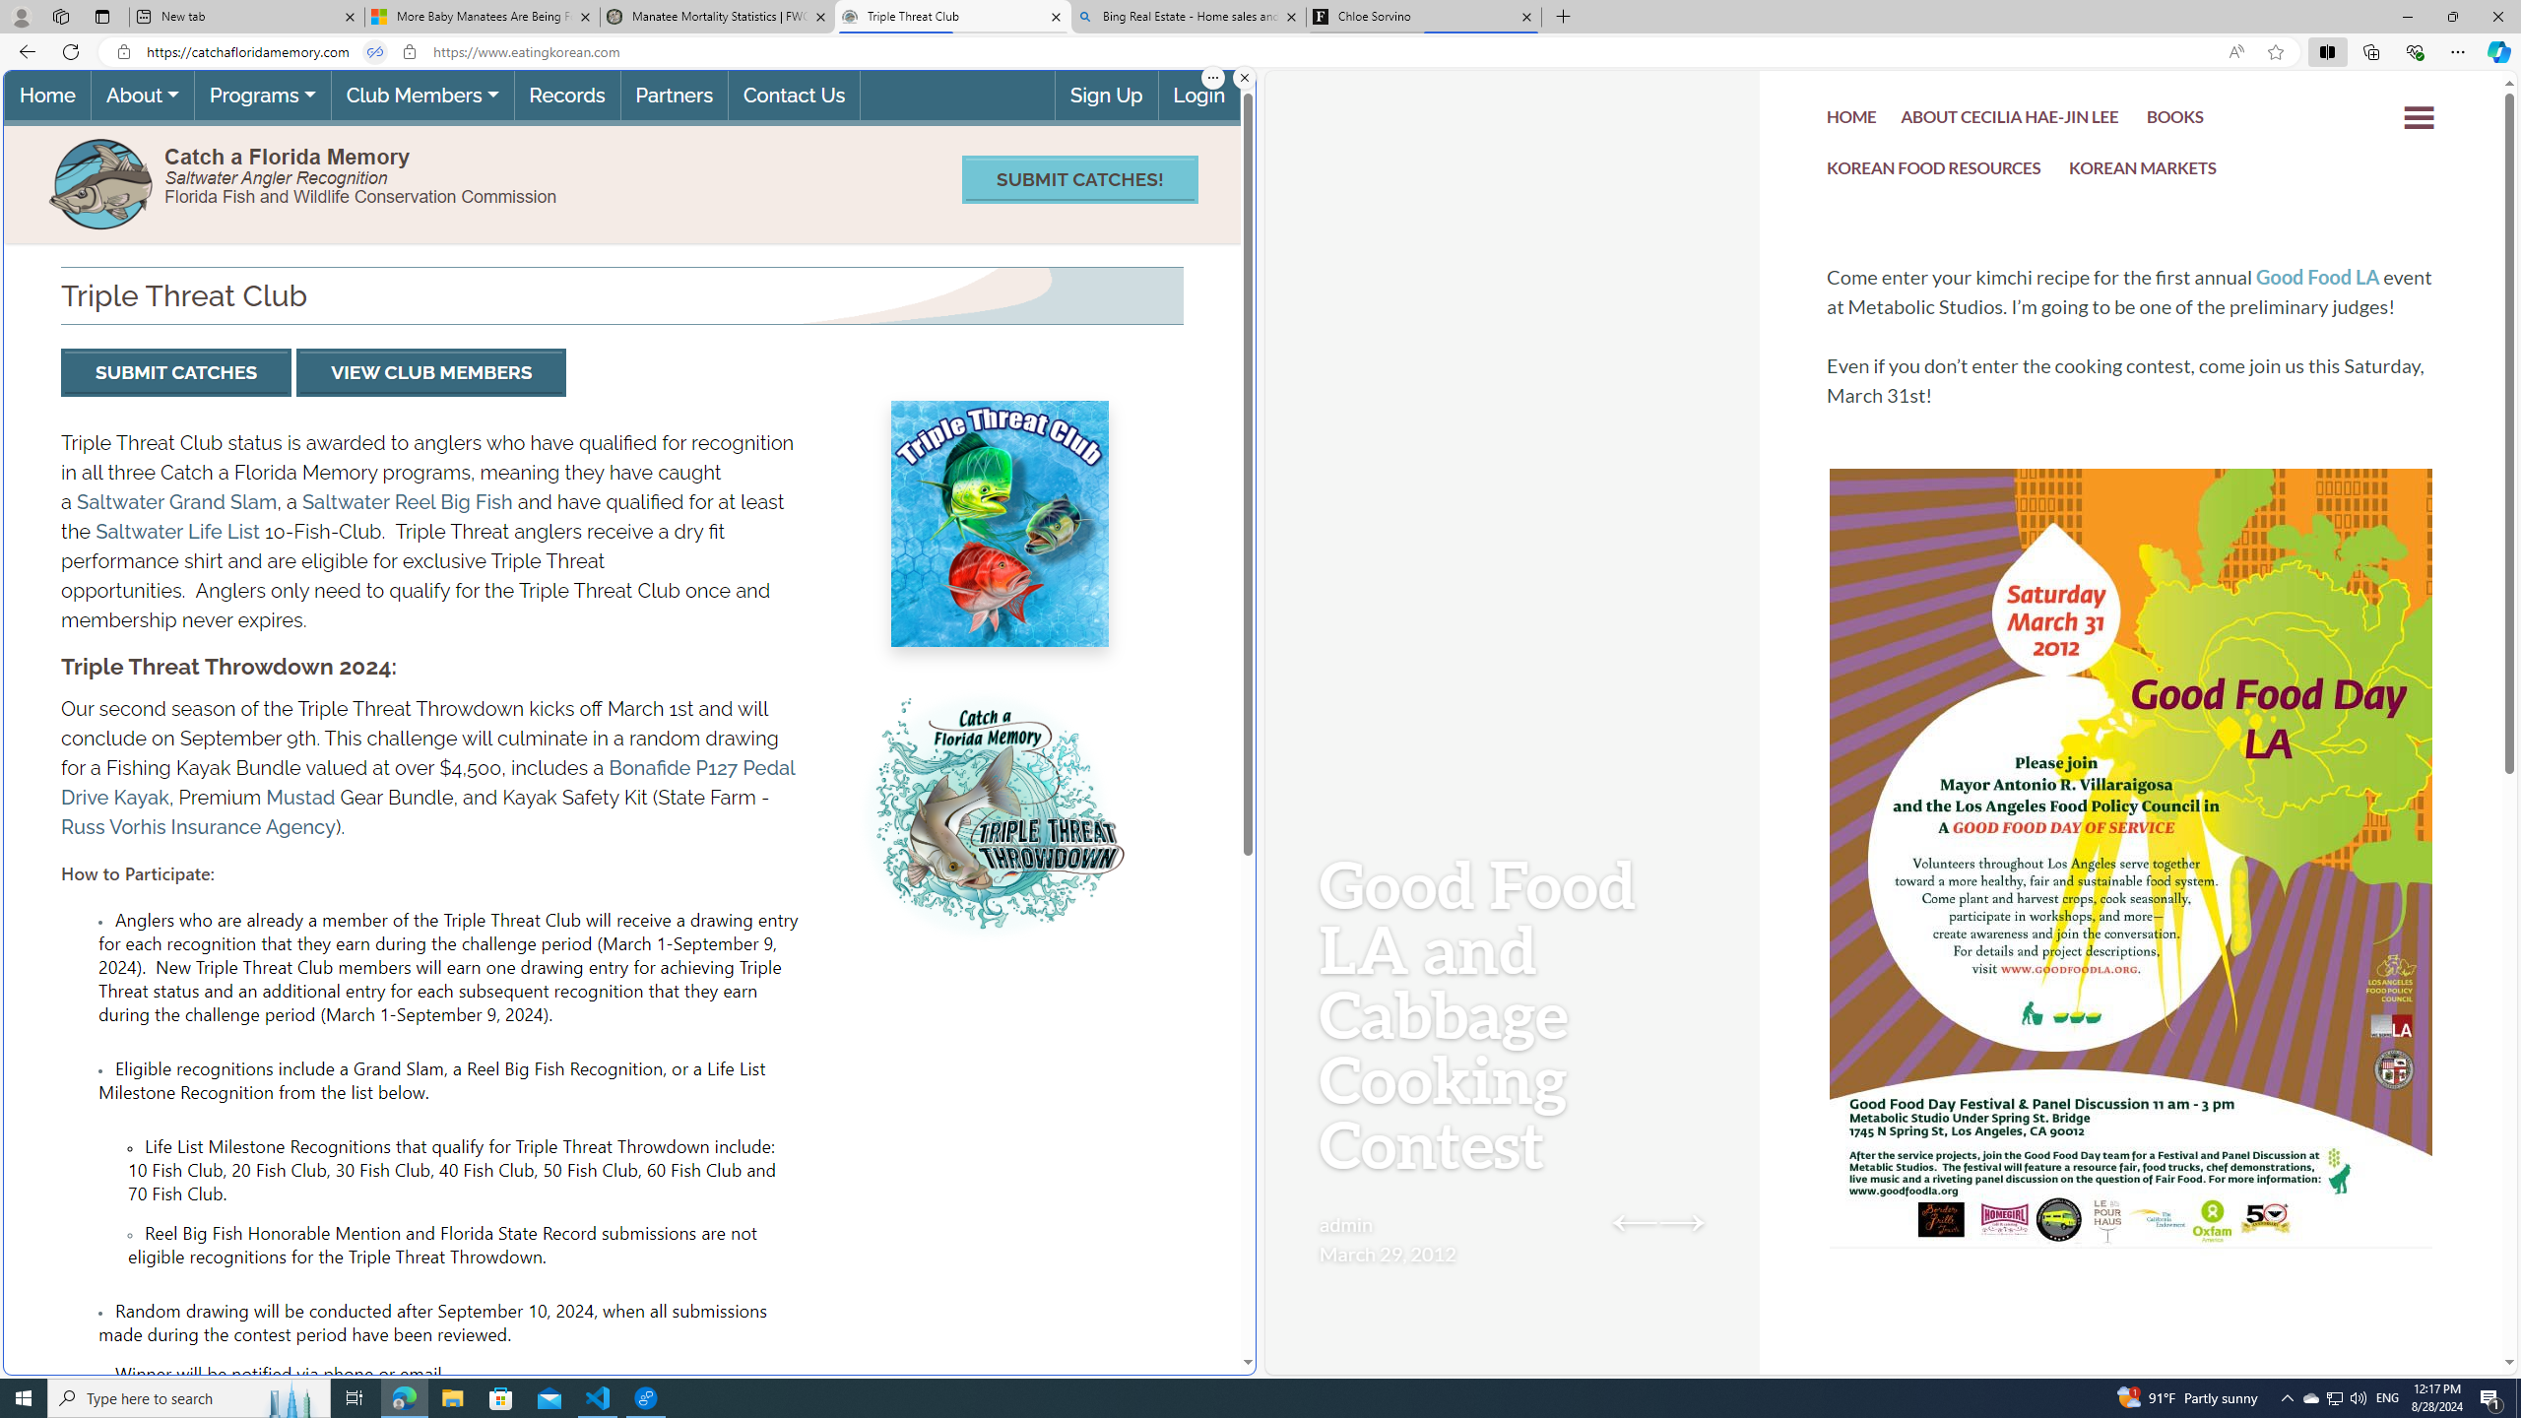  I want to click on 'HOME', so click(1851, 120).